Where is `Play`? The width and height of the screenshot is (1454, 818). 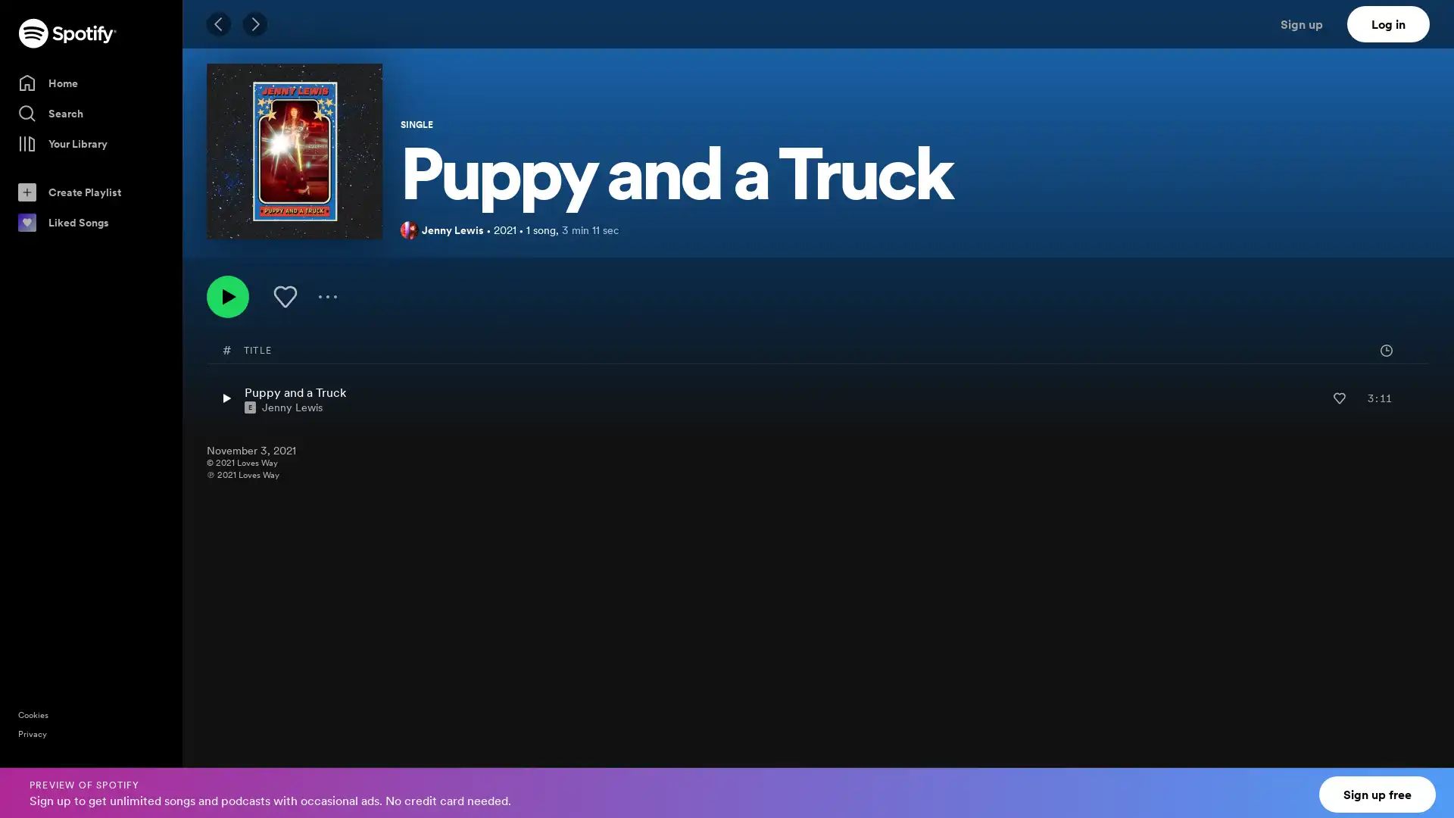
Play is located at coordinates (227, 297).